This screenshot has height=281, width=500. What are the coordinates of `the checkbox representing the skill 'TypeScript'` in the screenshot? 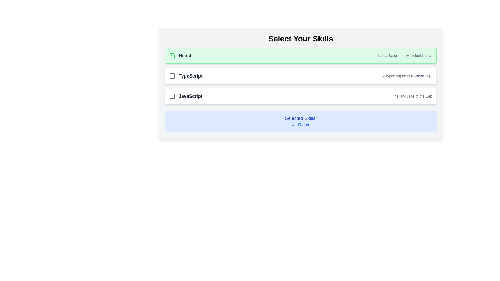 It's located at (172, 76).